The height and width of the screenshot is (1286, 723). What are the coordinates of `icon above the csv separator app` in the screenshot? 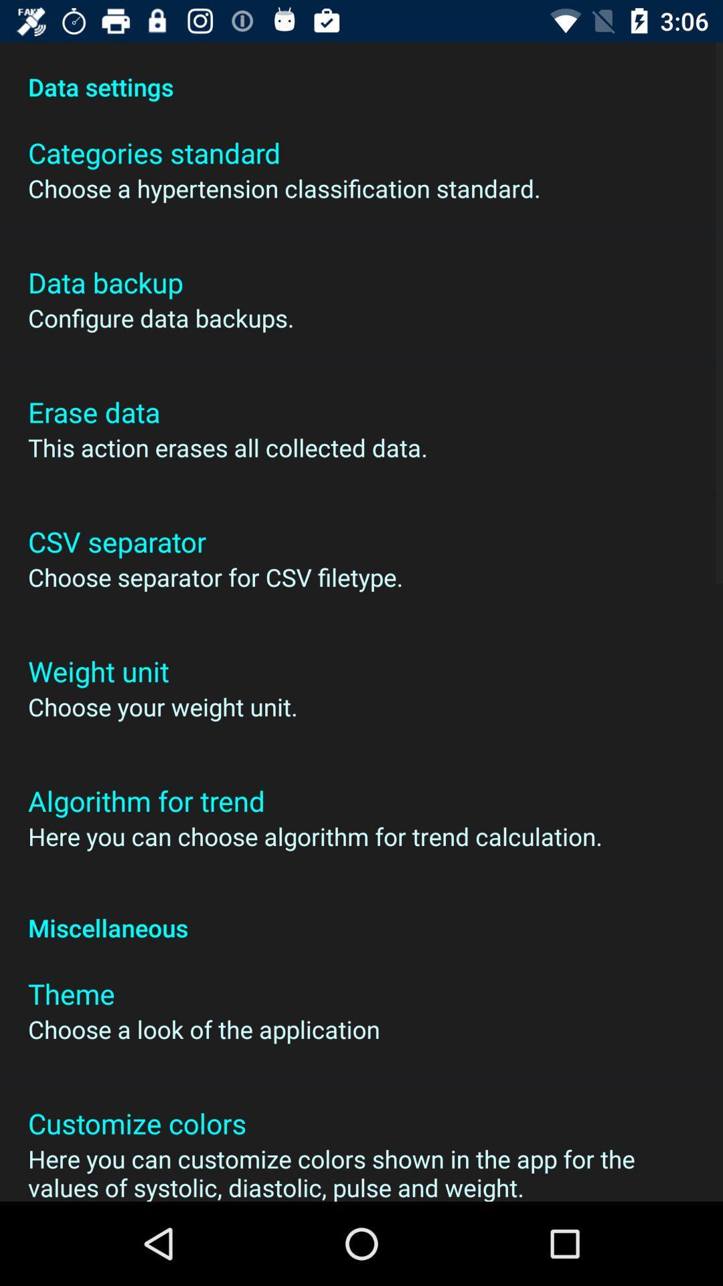 It's located at (227, 447).